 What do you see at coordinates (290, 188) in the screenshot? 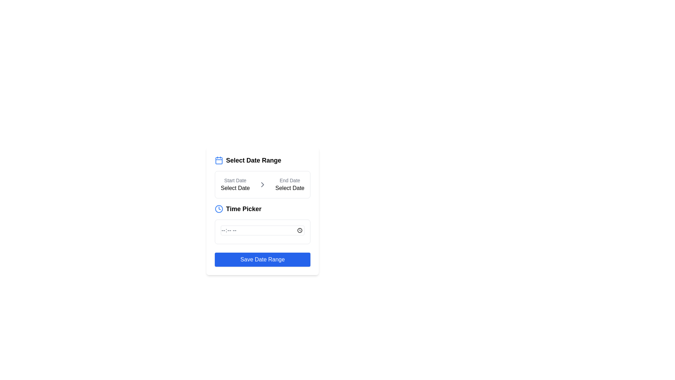
I see `text displayed in the Text Display element located under the 'End Date' label on the right side of the date selection form` at bounding box center [290, 188].